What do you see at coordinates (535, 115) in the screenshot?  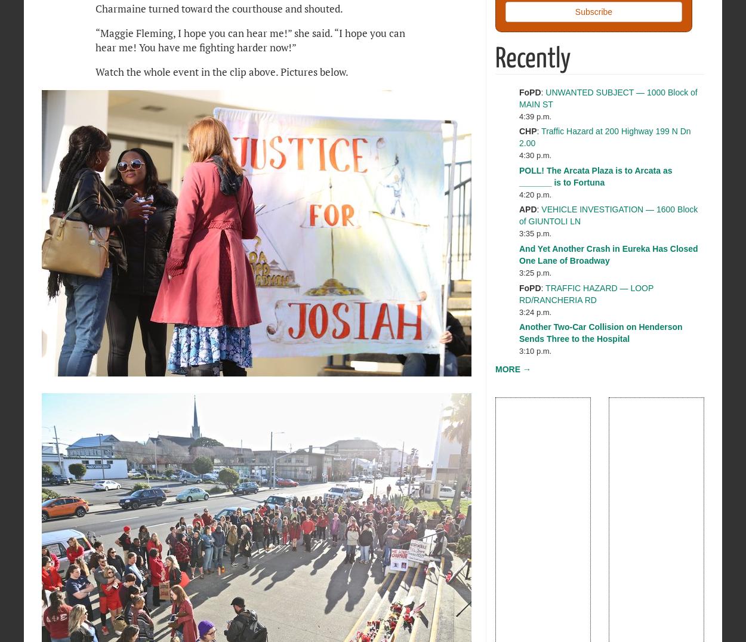 I see `'4:39 p.m.'` at bounding box center [535, 115].